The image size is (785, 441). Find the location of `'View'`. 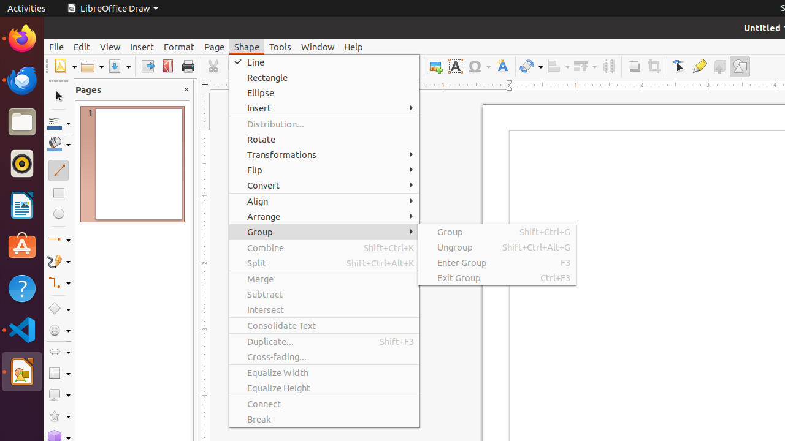

'View' is located at coordinates (110, 46).